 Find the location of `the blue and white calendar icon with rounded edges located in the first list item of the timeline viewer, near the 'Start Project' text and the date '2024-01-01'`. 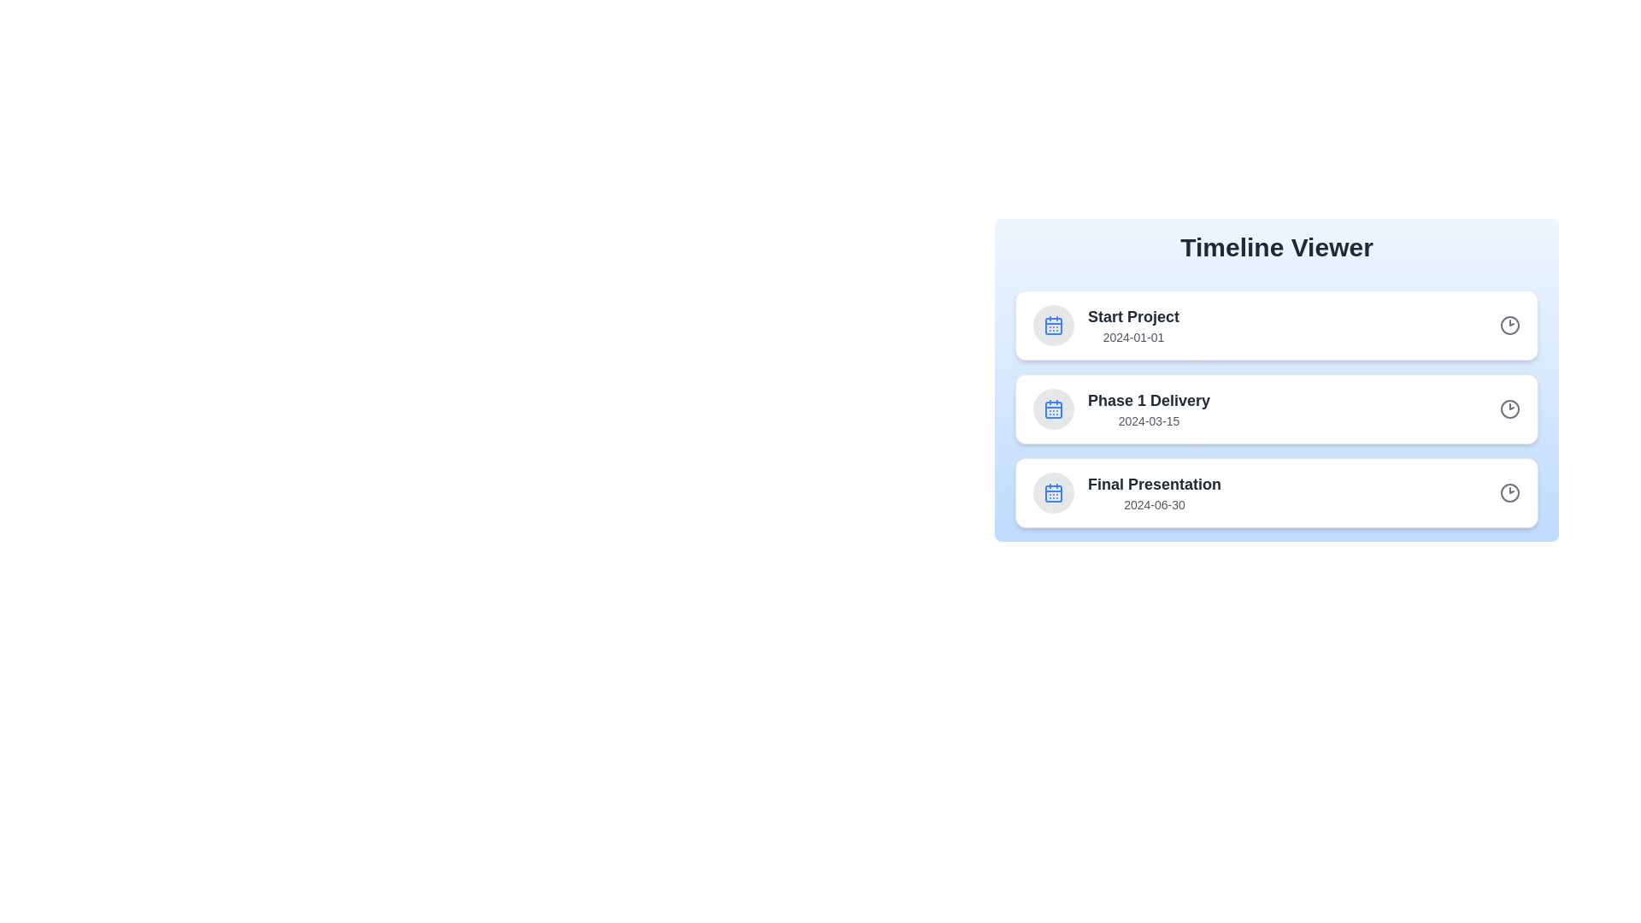

the blue and white calendar icon with rounded edges located in the first list item of the timeline viewer, near the 'Start Project' text and the date '2024-01-01' is located at coordinates (1053, 326).